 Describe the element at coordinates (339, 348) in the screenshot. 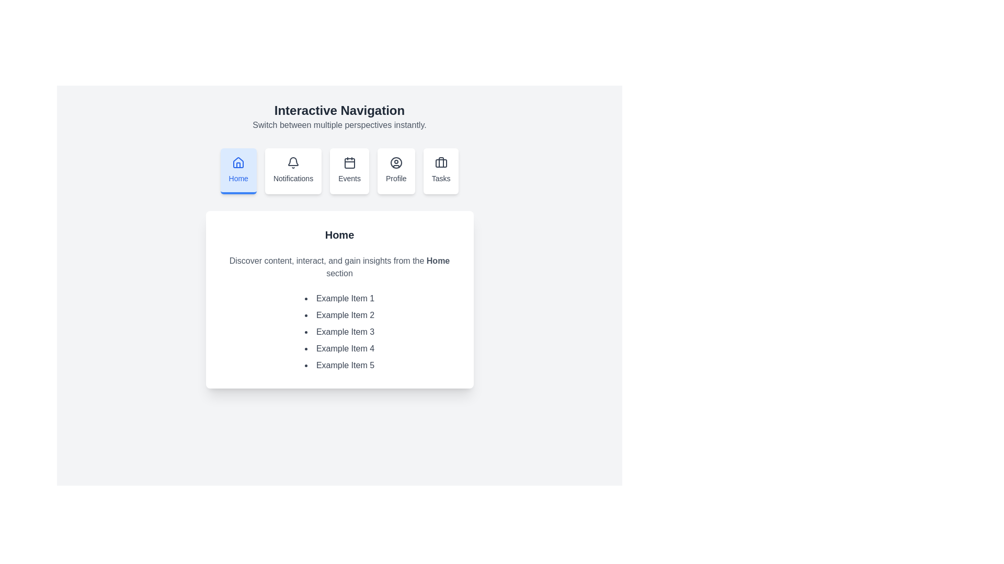

I see `the fourth Text Label in the list under the title 'Home', positioned between 'Example Item 3' and 'Example Item 5'` at that location.